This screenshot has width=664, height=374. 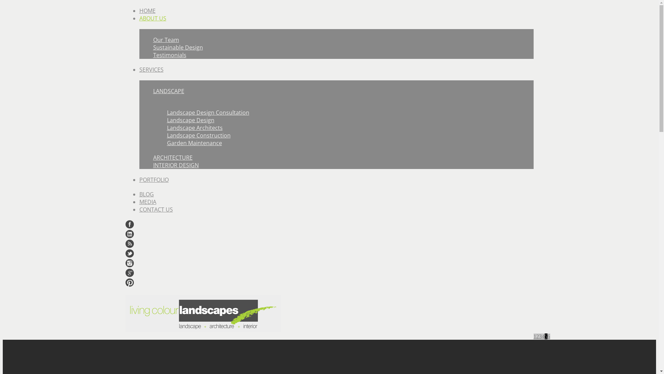 What do you see at coordinates (539, 336) in the screenshot?
I see `'3'` at bounding box center [539, 336].